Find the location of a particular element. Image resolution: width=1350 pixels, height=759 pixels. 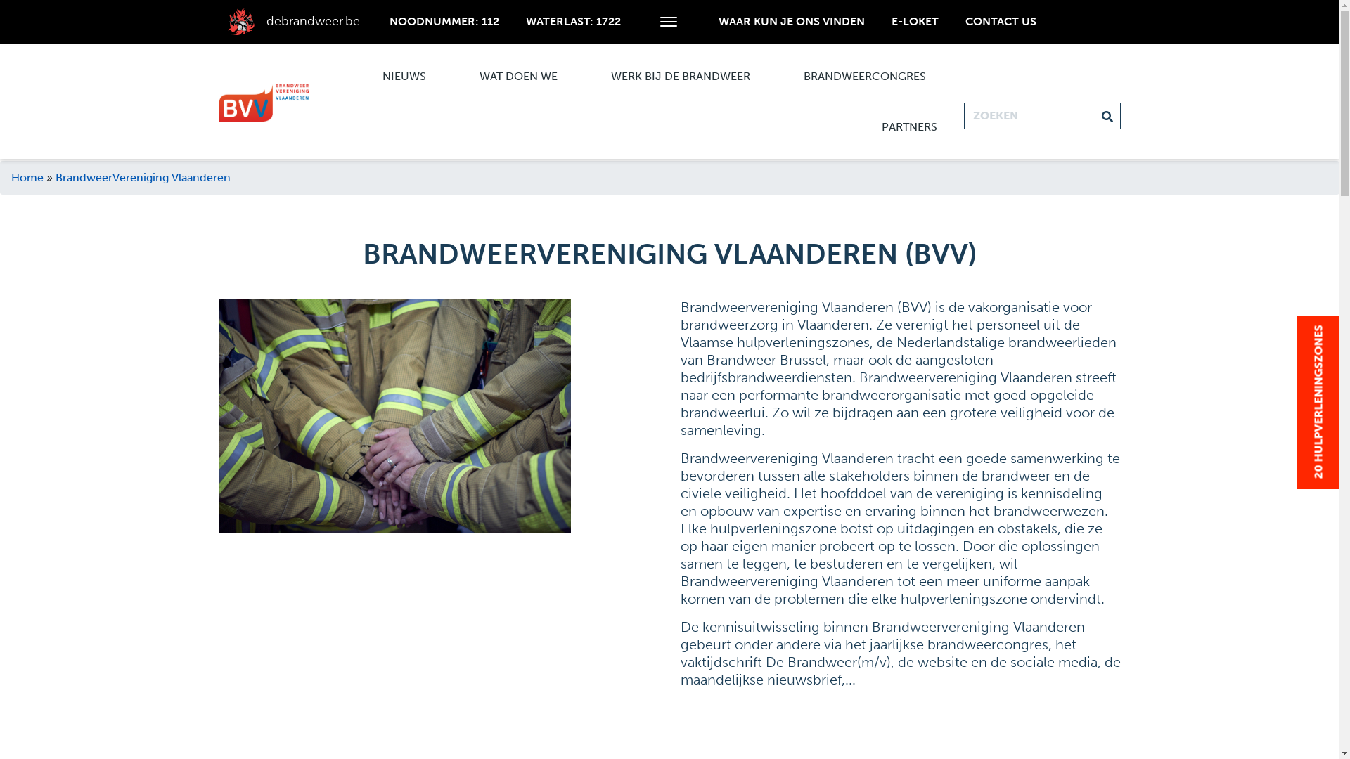

'WAAR KUN JE ONS VINDEN' is located at coordinates (792, 21).